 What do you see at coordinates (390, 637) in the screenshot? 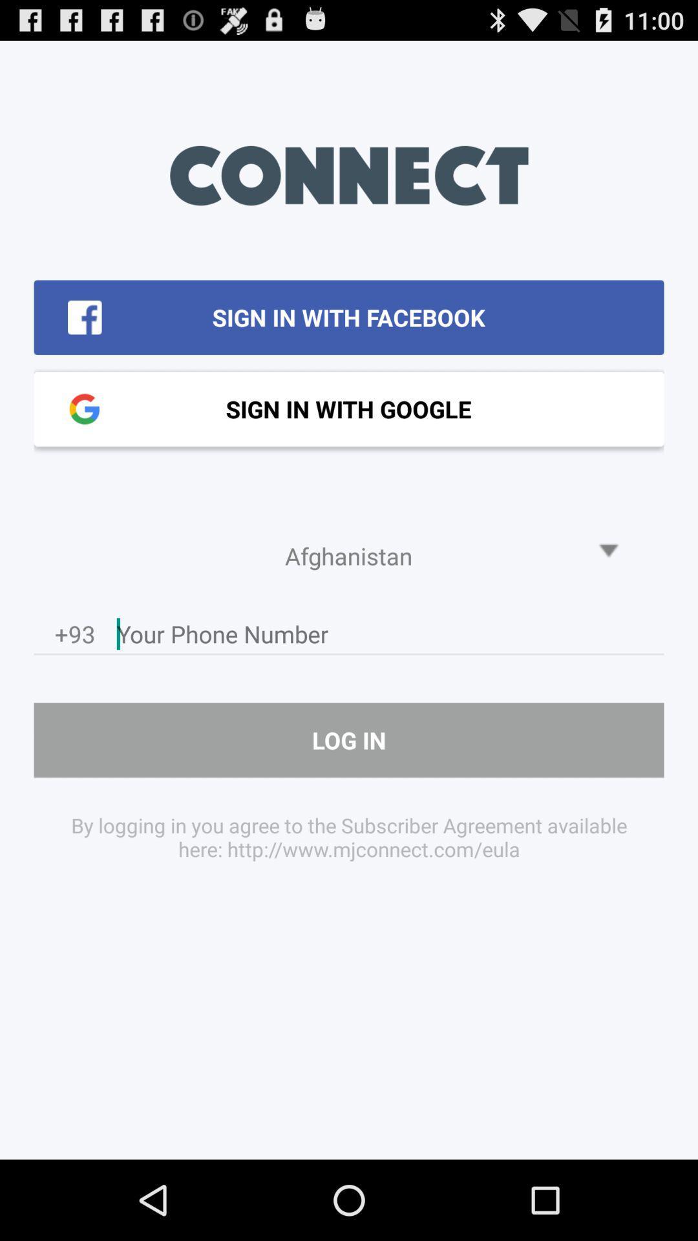
I see `the icon below afghanistan item` at bounding box center [390, 637].